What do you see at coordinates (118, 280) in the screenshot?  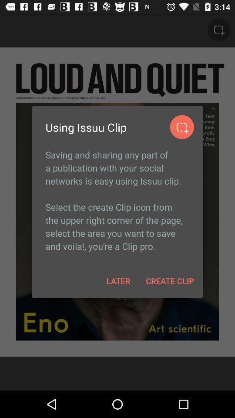 I see `the item to the left of the create clip icon` at bounding box center [118, 280].